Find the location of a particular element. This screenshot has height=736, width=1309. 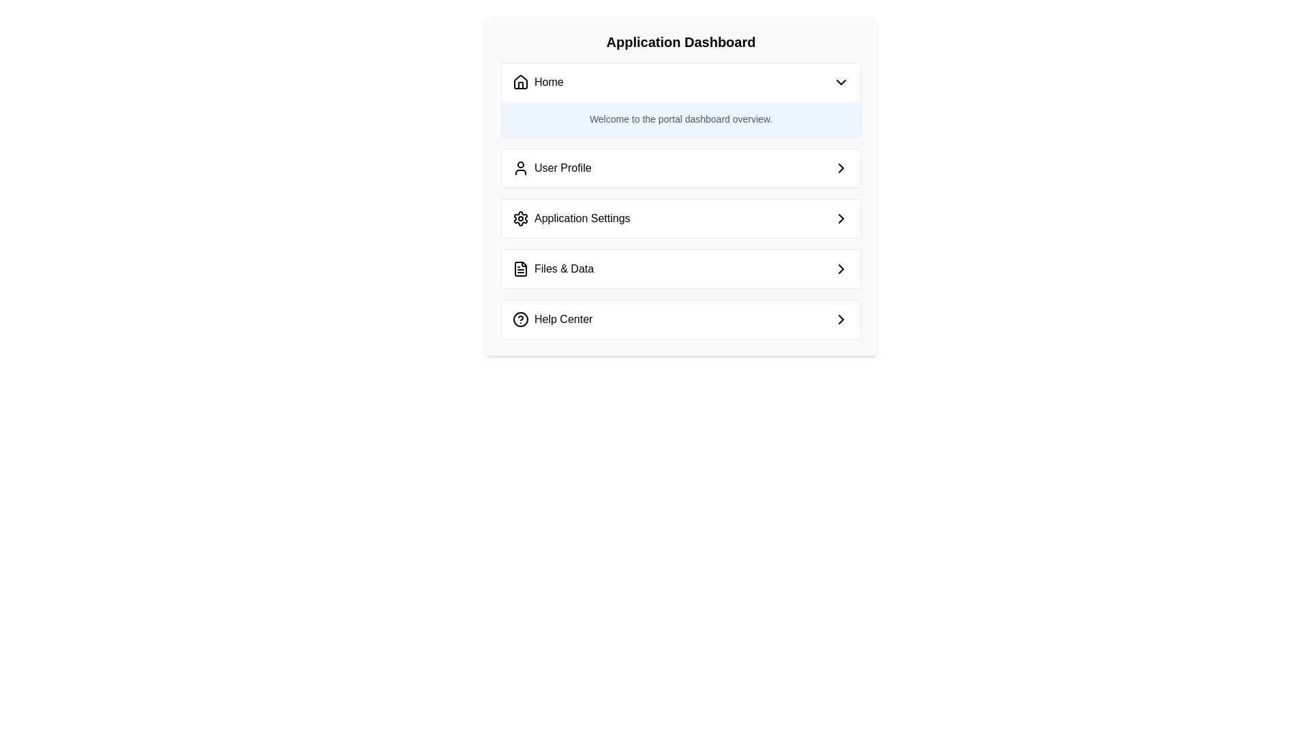

the circular icon with a question mark is located at coordinates (520, 320).